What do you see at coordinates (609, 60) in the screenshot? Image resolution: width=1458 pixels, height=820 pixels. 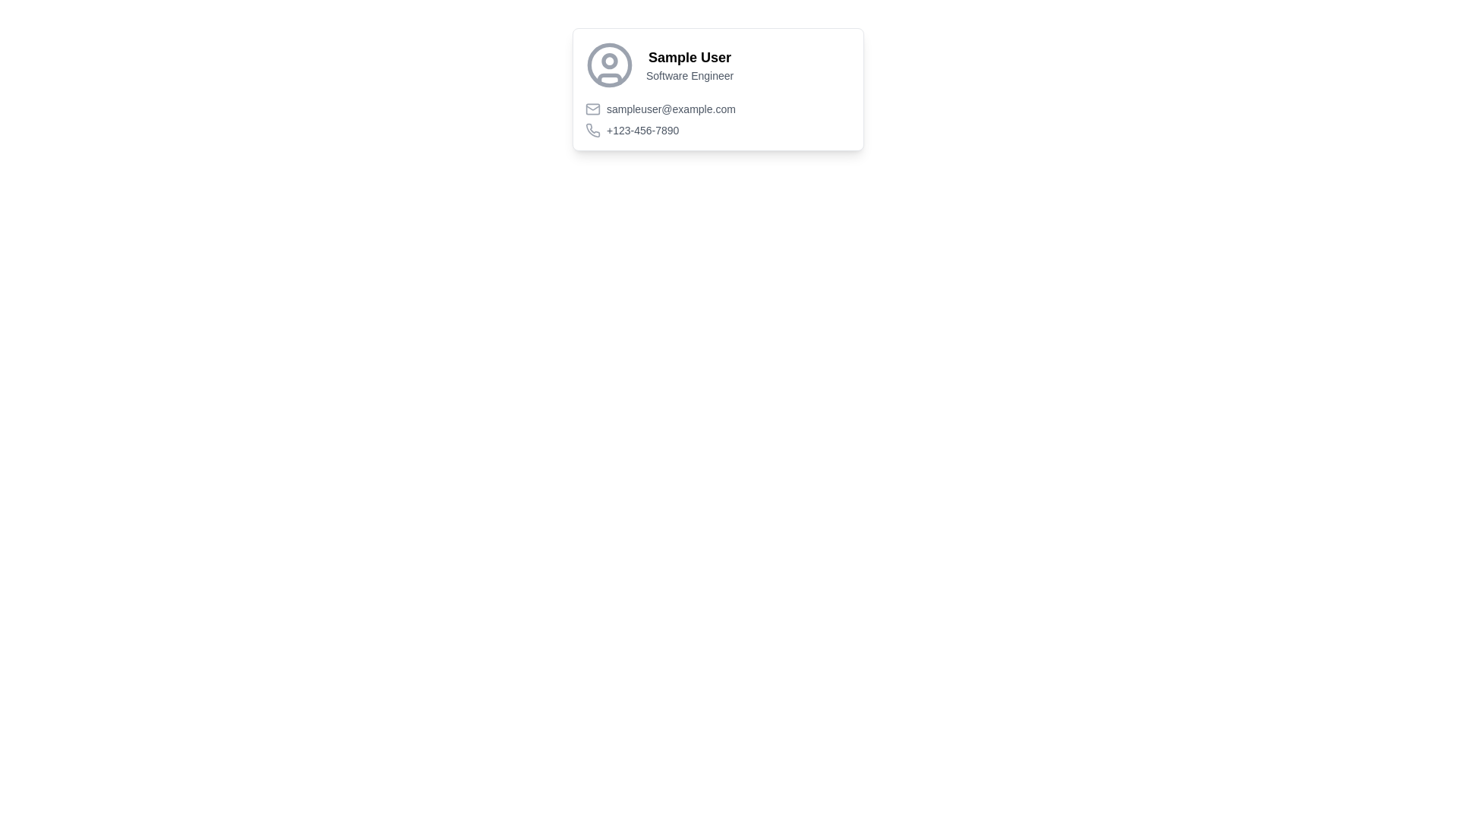 I see `the small circular SVG Circle located at the center top area of the user profile image avatar, which symbolizes the user's face` at bounding box center [609, 60].